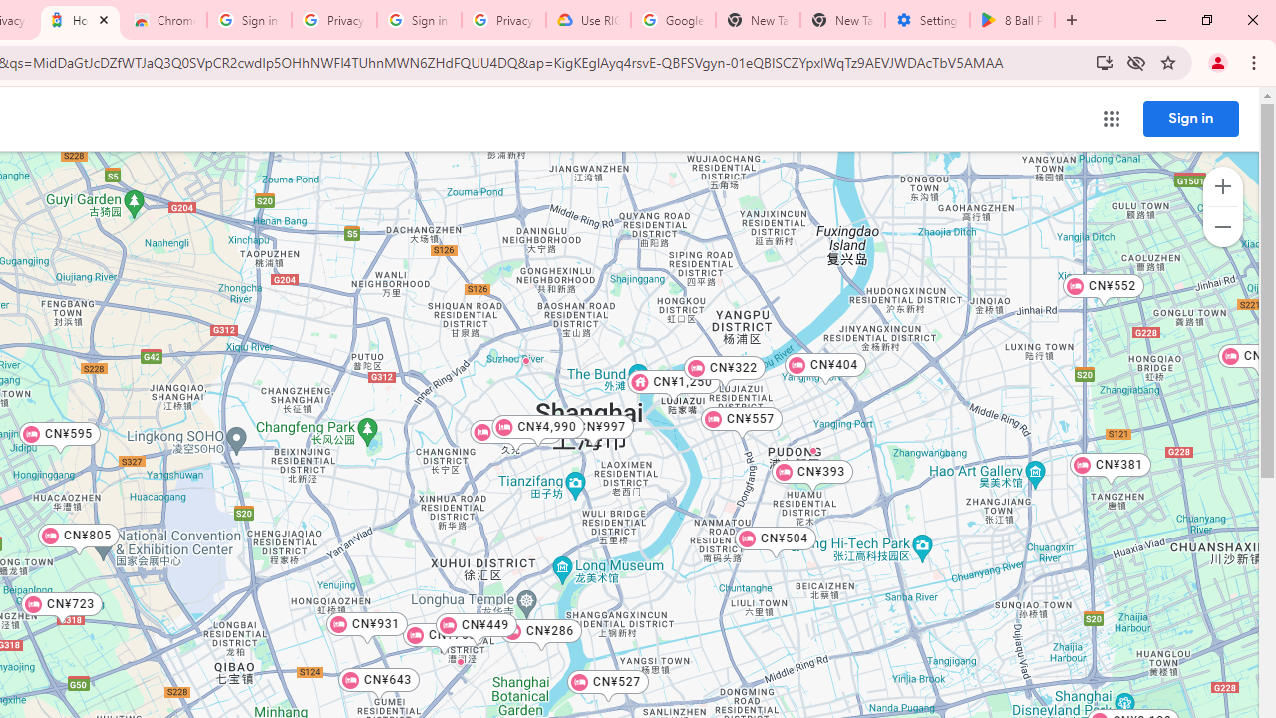  What do you see at coordinates (1221, 225) in the screenshot?
I see `'Zoom out map'` at bounding box center [1221, 225].